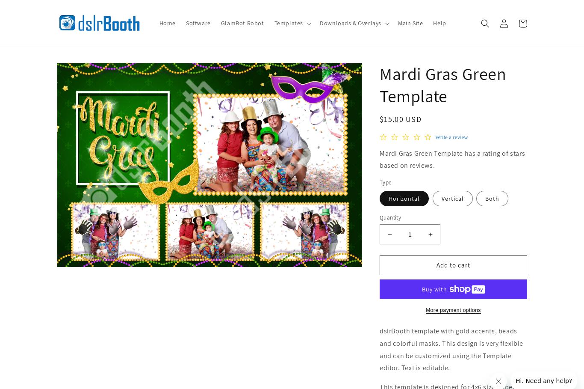  What do you see at coordinates (346, 114) in the screenshot?
I see `'Static GIF/Video Overlays'` at bounding box center [346, 114].